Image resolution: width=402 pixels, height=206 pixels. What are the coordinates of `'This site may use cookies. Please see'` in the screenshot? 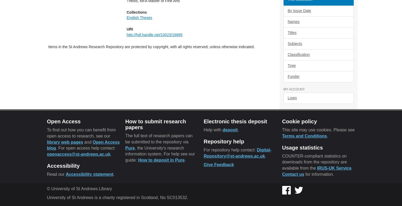 It's located at (318, 129).